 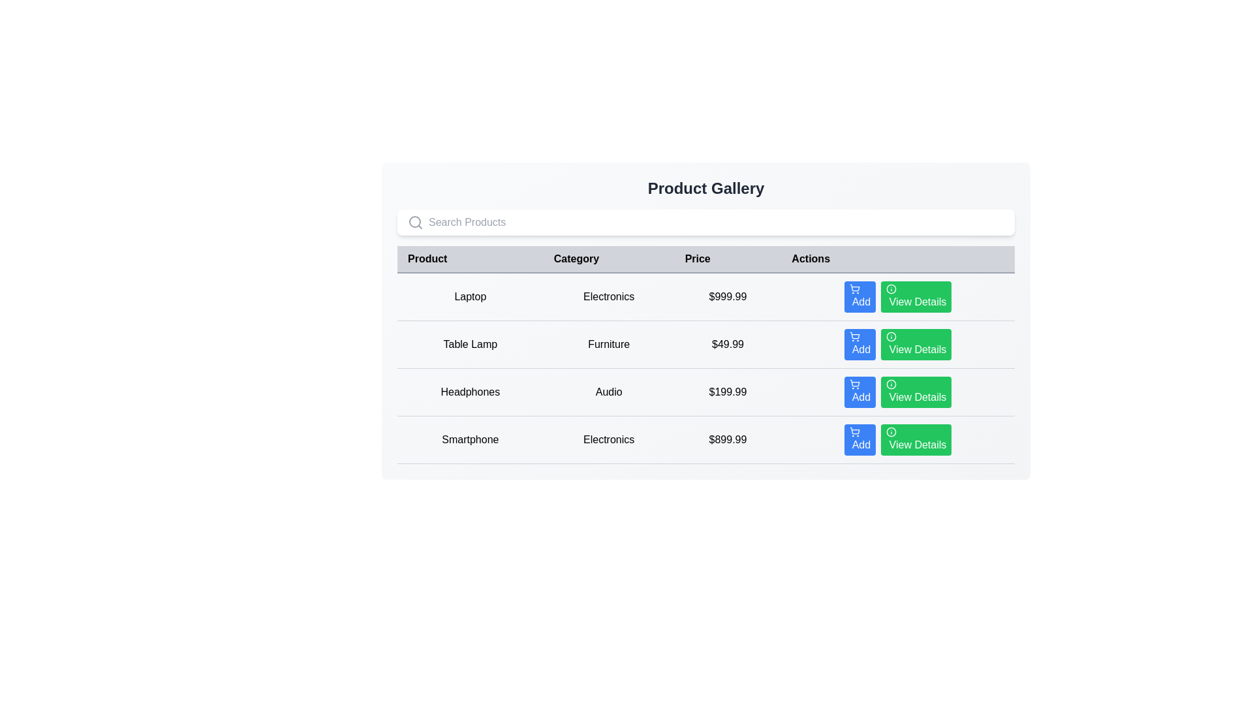 What do you see at coordinates (891, 289) in the screenshot?
I see `the SVG circle that is part of the informational icon in the 'Actions' column of the first row of the table, aligned to the 'View Details' button` at bounding box center [891, 289].